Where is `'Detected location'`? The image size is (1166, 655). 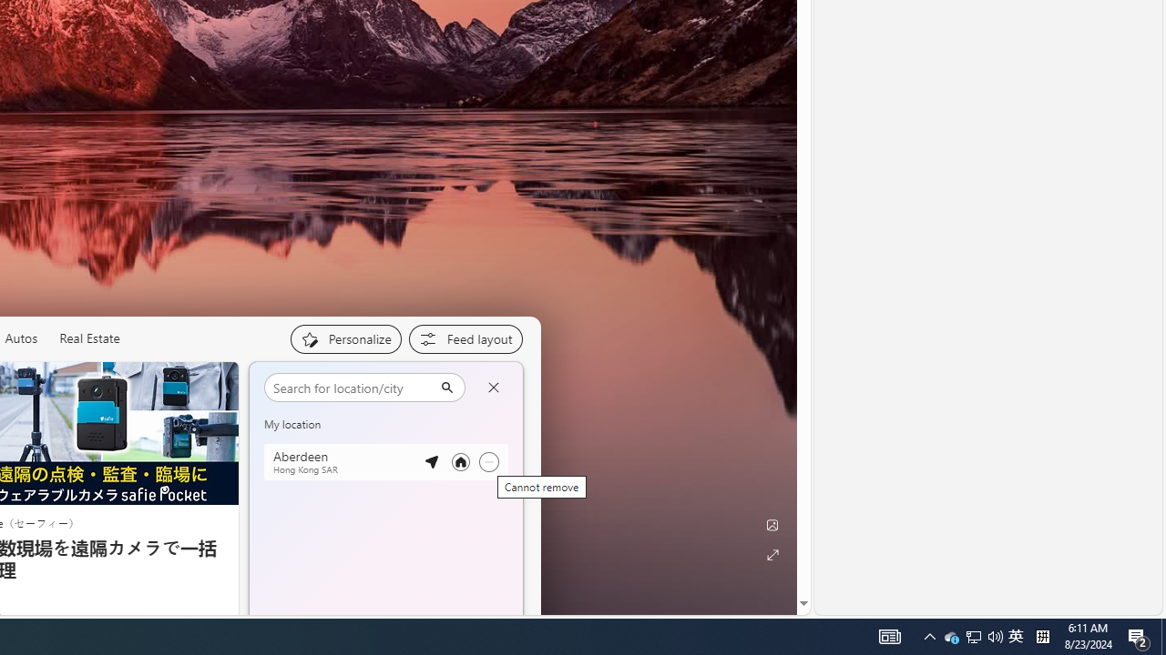
'Detected location' is located at coordinates (430, 460).